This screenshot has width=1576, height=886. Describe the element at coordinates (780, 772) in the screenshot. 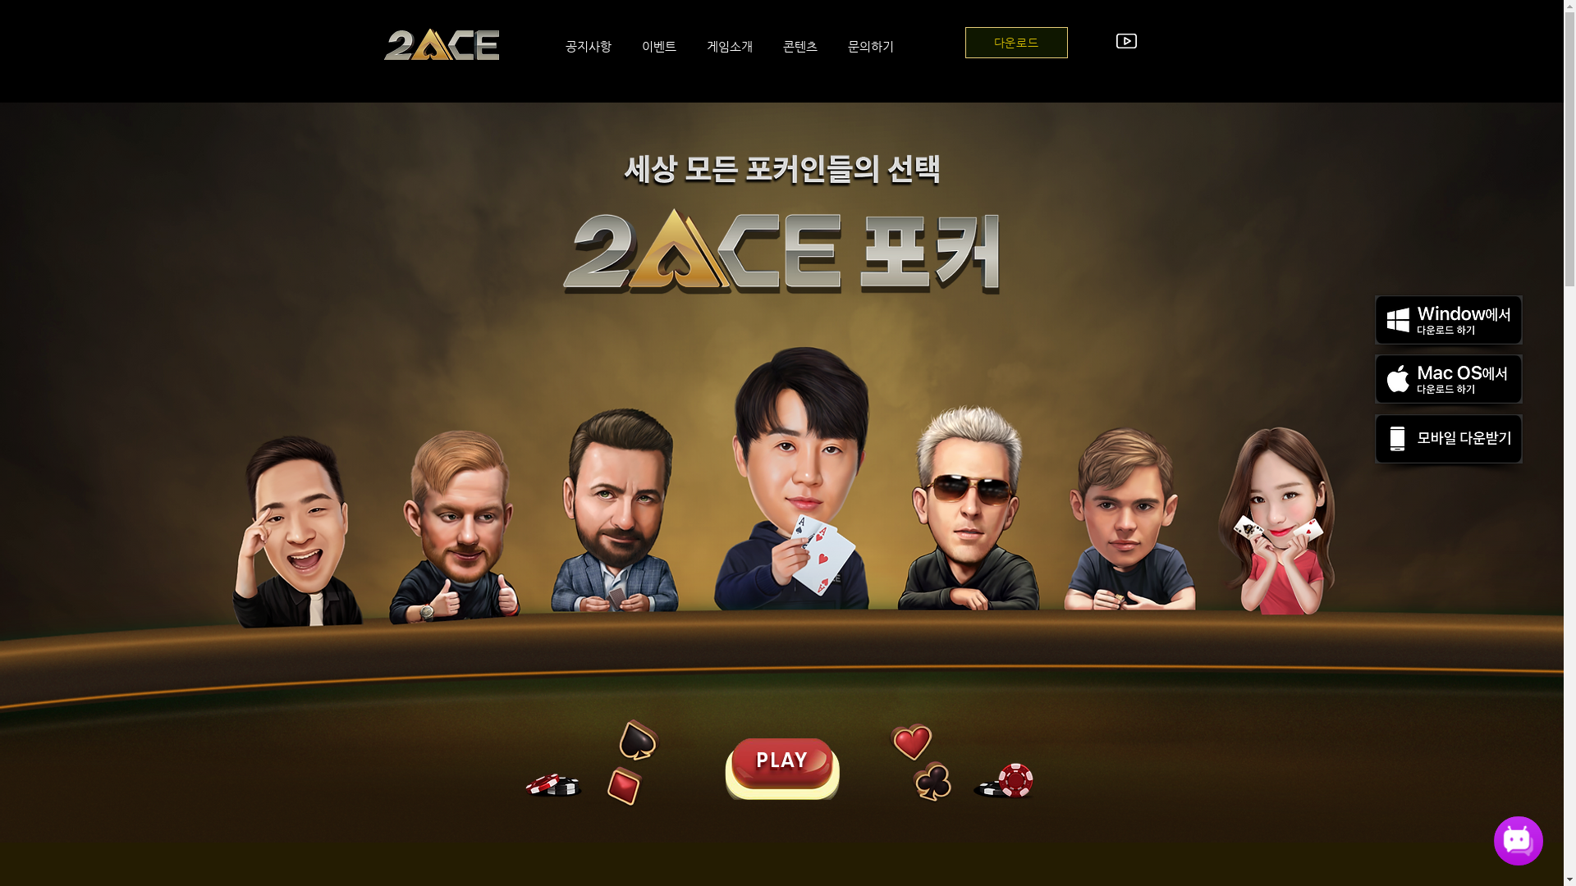

I see `'button2.png'` at that location.